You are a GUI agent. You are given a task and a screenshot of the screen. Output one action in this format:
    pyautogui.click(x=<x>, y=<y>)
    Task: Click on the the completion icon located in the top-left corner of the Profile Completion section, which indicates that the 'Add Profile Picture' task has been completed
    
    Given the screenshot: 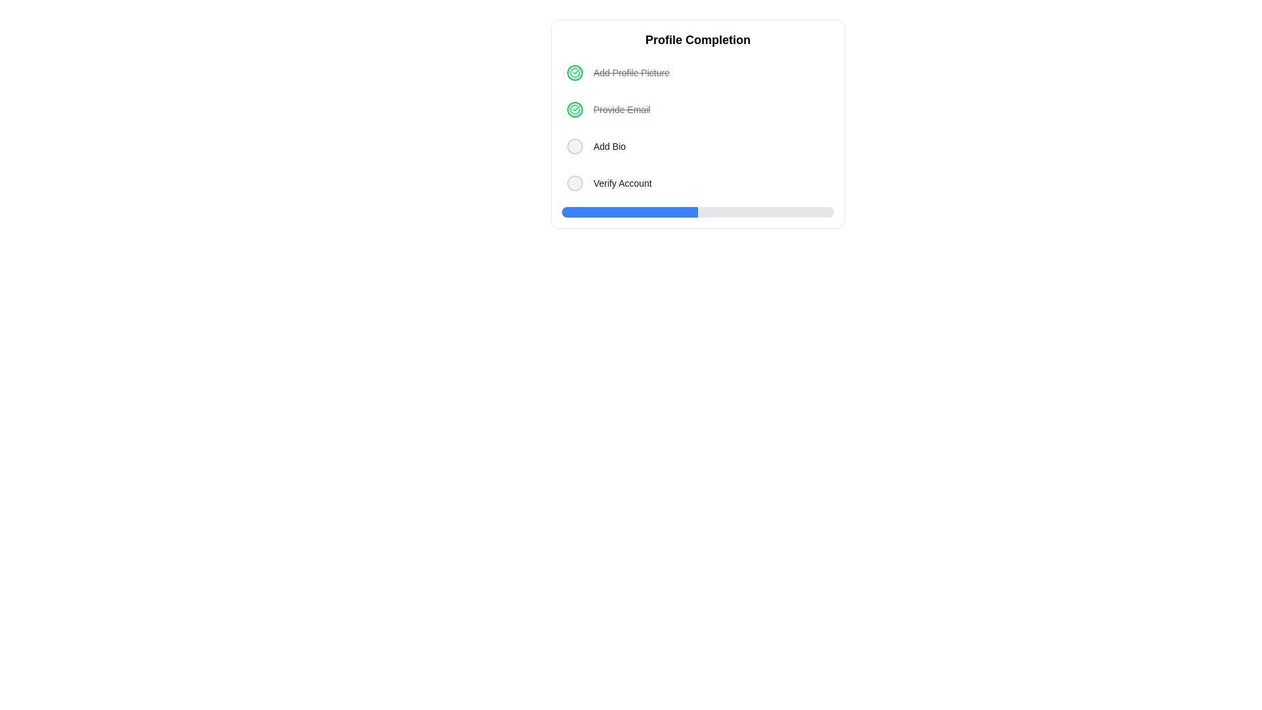 What is the action you would take?
    pyautogui.click(x=574, y=108)
    